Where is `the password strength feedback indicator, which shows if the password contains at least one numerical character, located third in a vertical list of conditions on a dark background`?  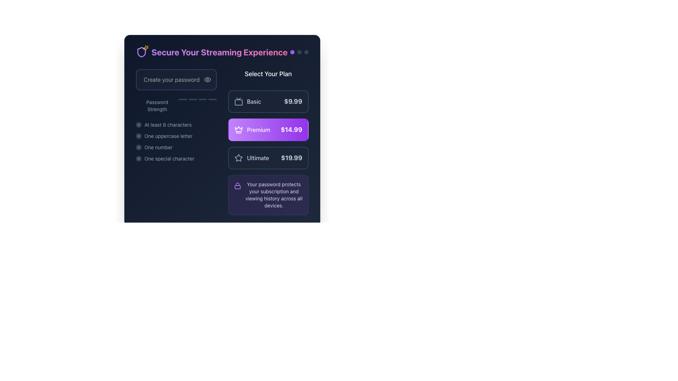 the password strength feedback indicator, which shows if the password contains at least one numerical character, located third in a vertical list of conditions on a dark background is located at coordinates (176, 147).